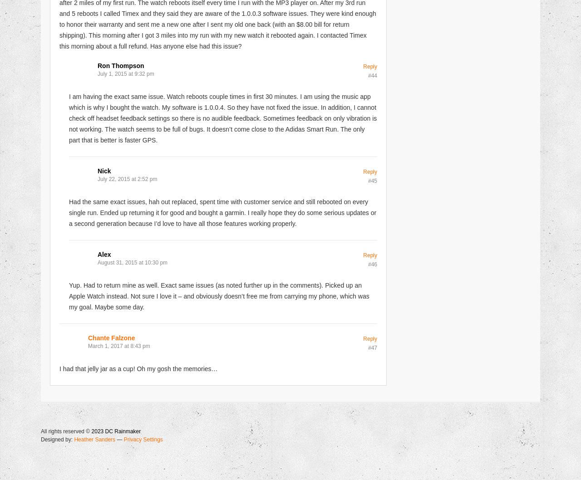 The width and height of the screenshot is (581, 480). Describe the element at coordinates (94, 439) in the screenshot. I see `'Heather Sanders'` at that location.